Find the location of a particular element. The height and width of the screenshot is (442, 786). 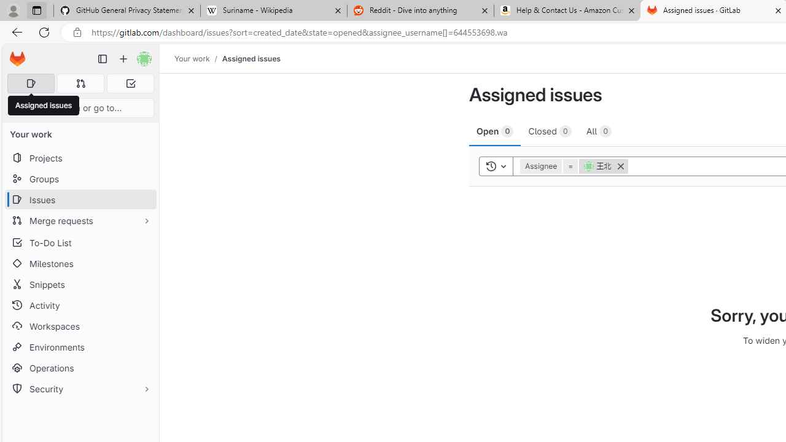

'Toggle history' is located at coordinates (496, 166).